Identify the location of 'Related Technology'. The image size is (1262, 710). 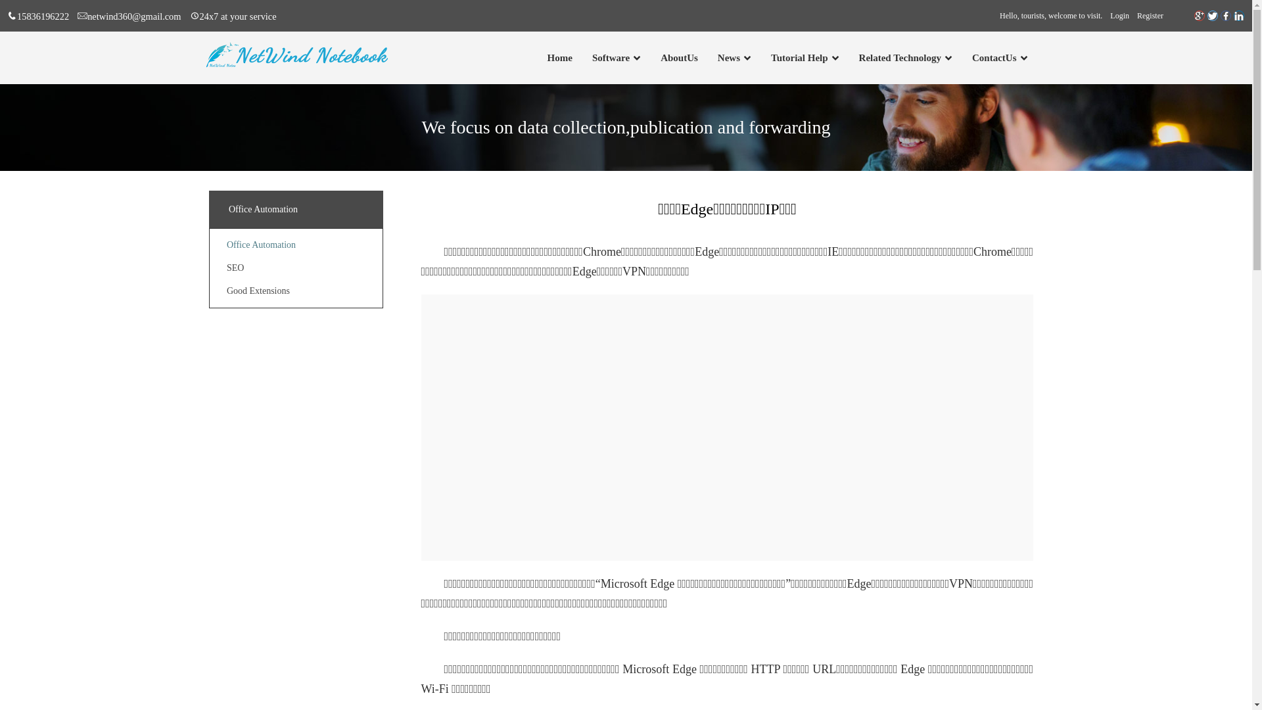
(899, 57).